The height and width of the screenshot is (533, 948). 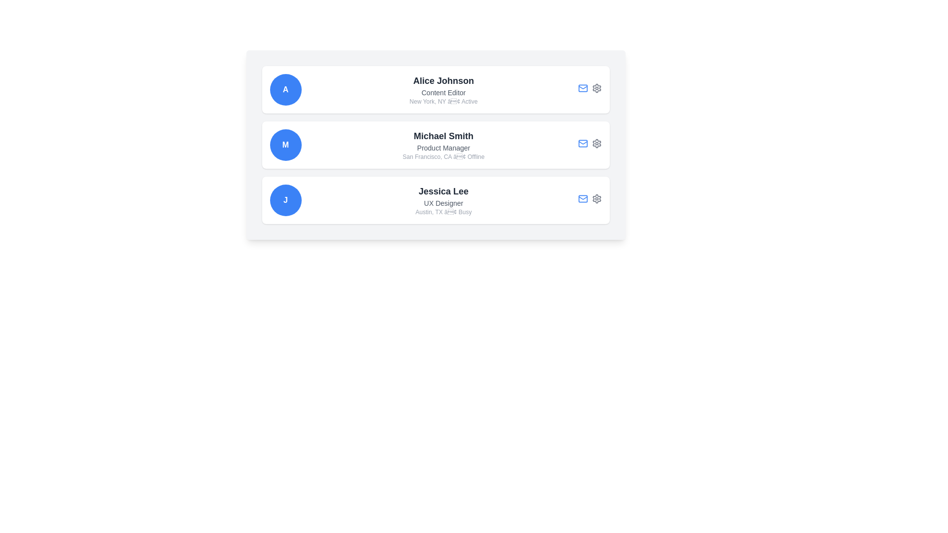 I want to click on the gray gear icon located in the rightmost section of the row dedicated to 'Jessica Lee', adjacent to the mail icon, so click(x=596, y=198).